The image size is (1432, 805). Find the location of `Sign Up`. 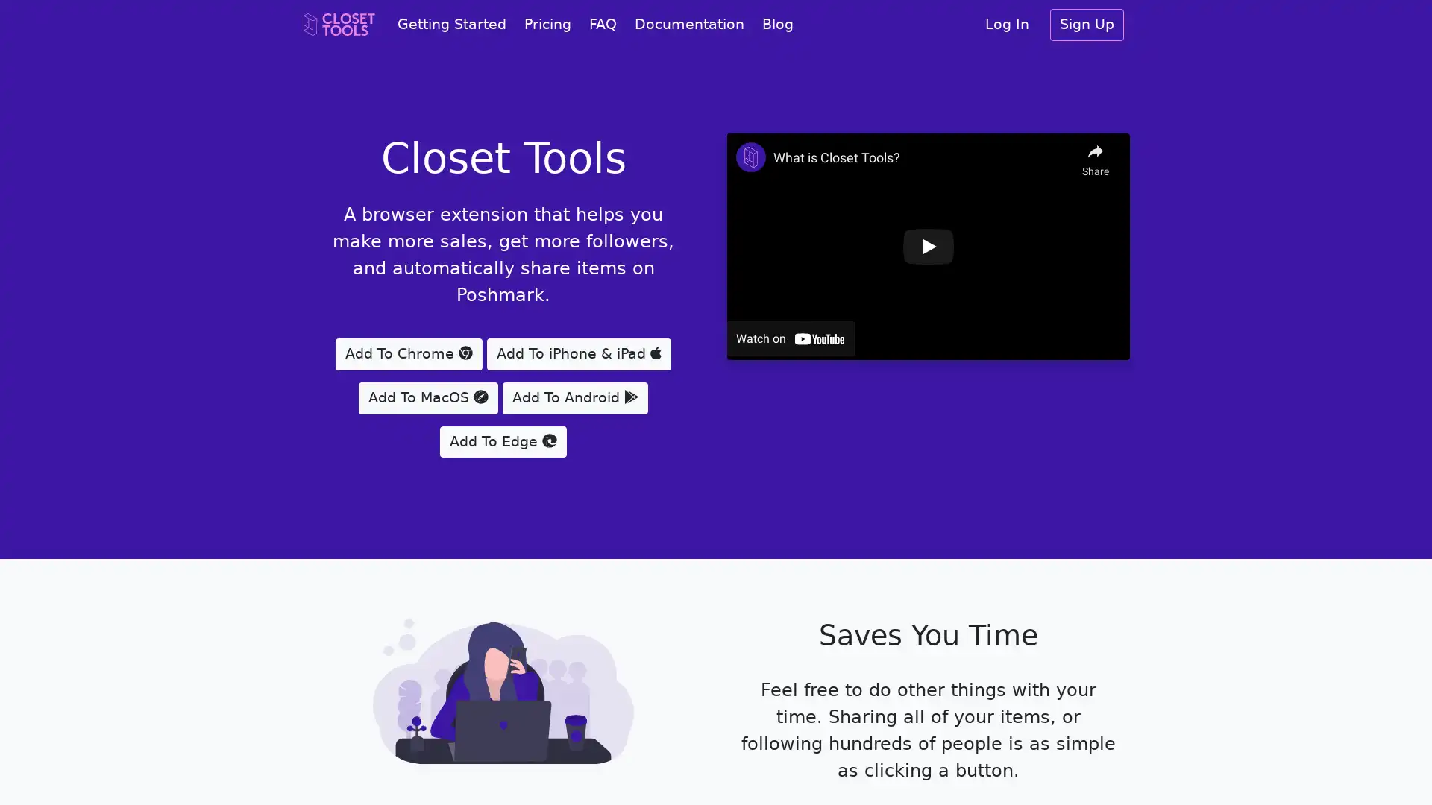

Sign Up is located at coordinates (1087, 25).